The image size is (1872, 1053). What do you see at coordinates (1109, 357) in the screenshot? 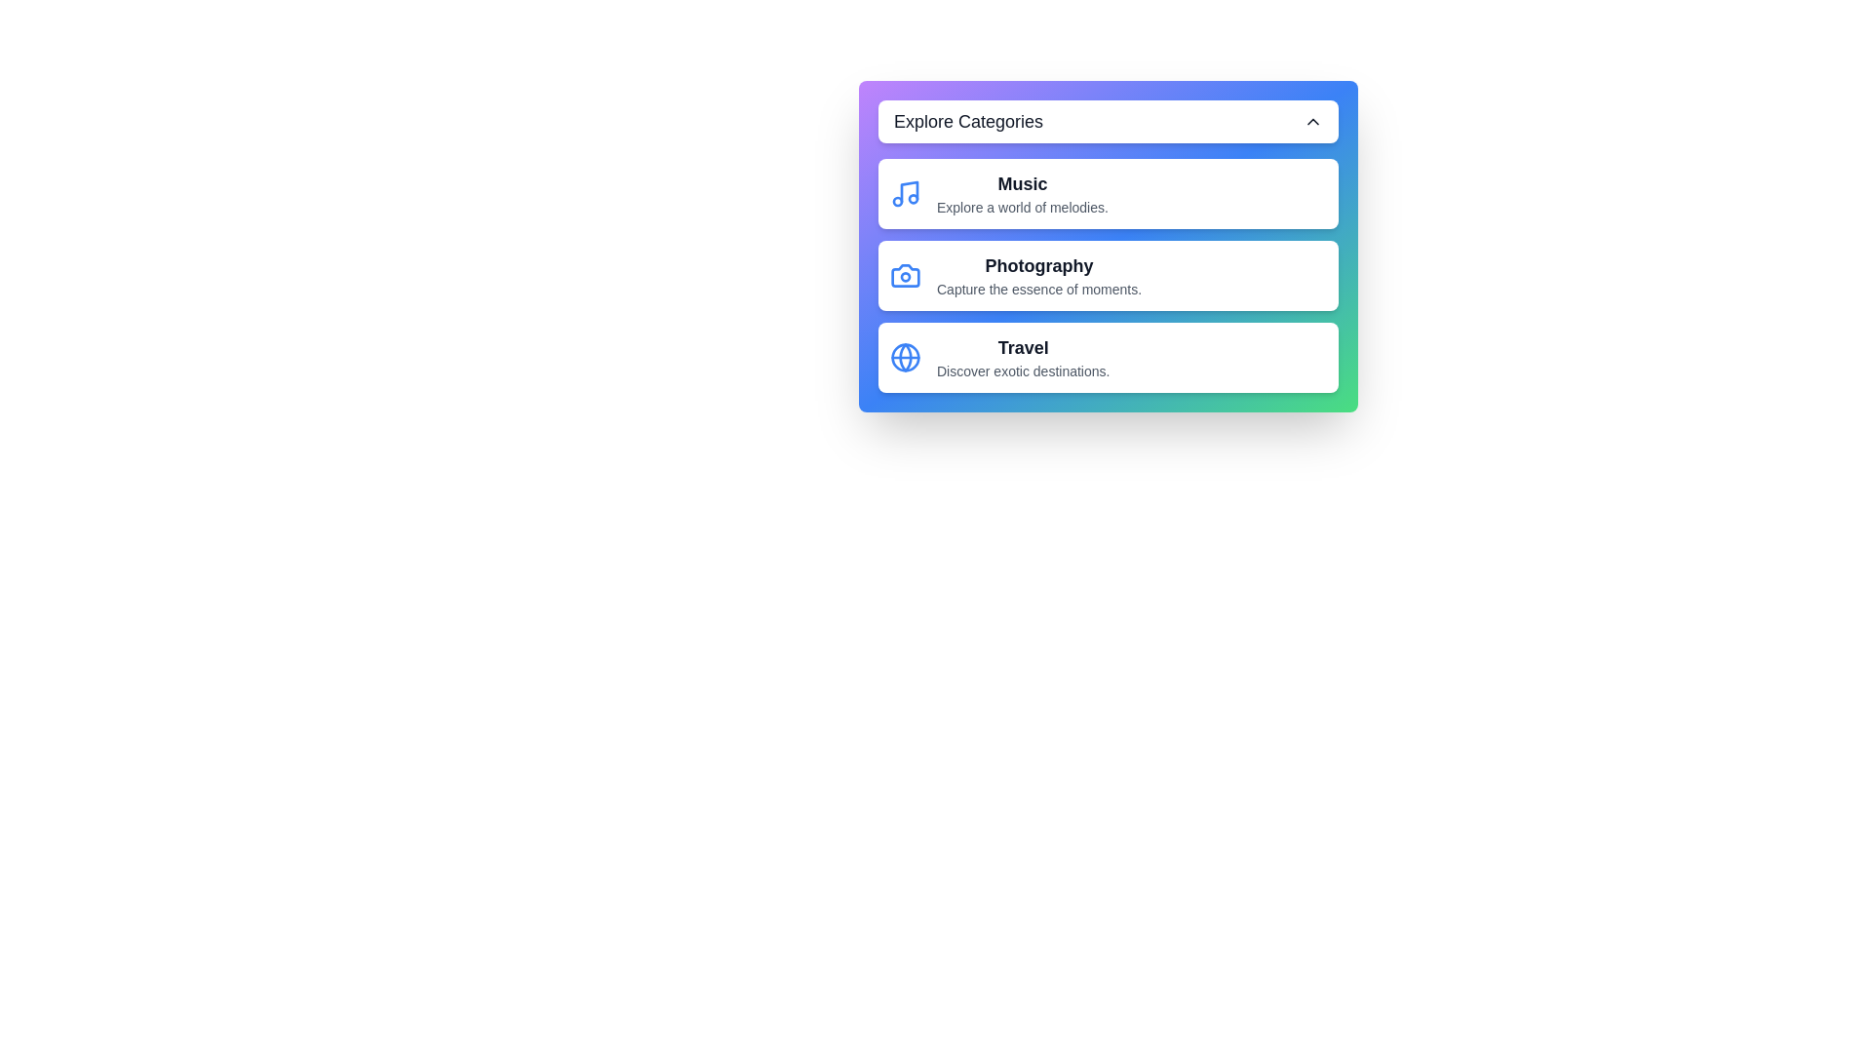
I see `the menu item Travel` at bounding box center [1109, 357].